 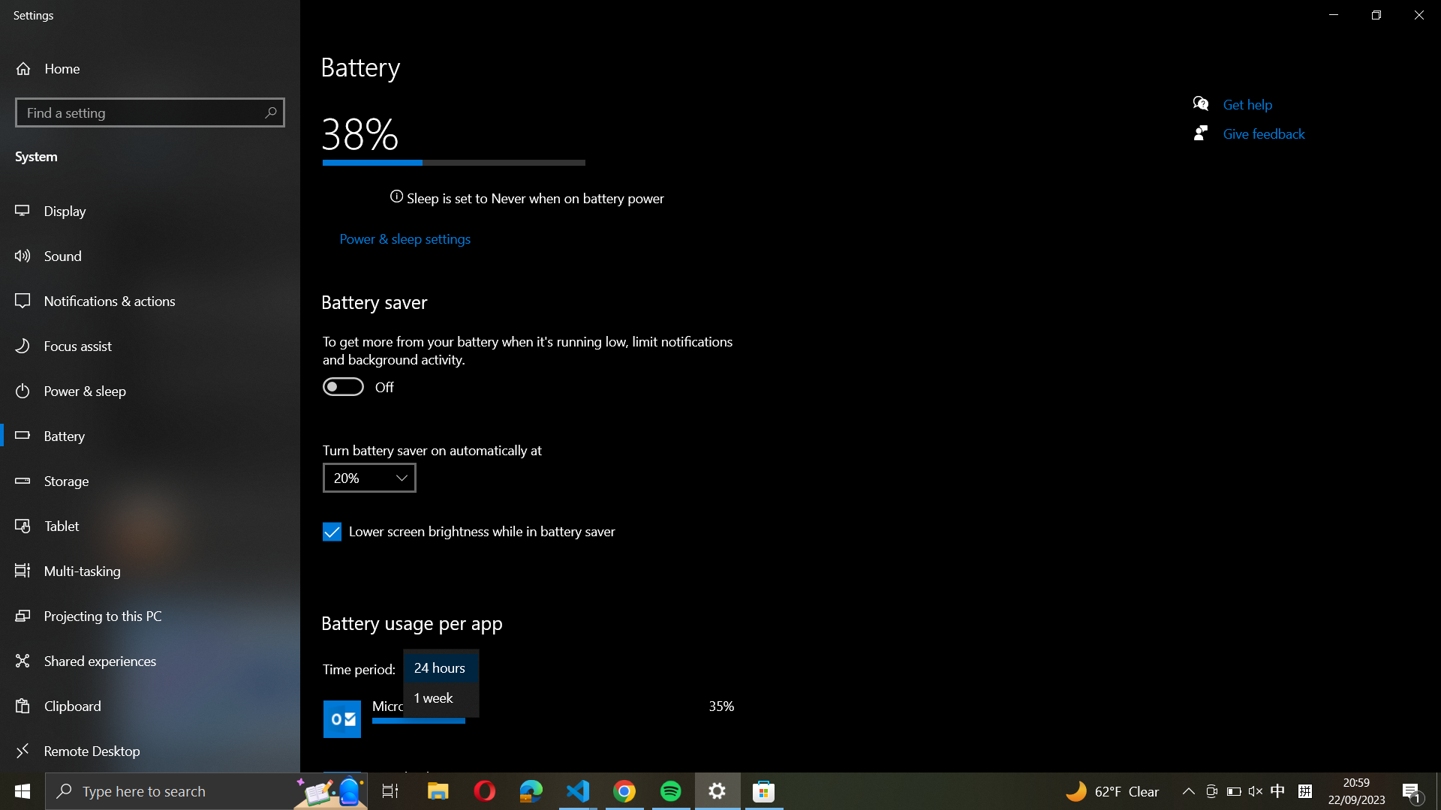 What do you see at coordinates (441, 697) in the screenshot?
I see `Update the timeframe for application battery consumption to "1 week` at bounding box center [441, 697].